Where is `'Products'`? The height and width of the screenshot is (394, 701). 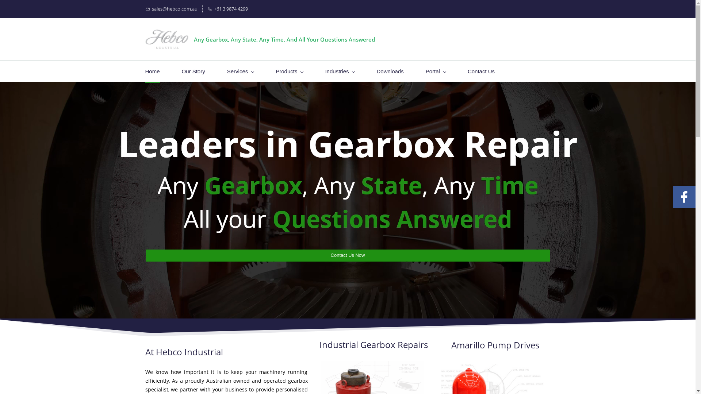 'Products' is located at coordinates (289, 71).